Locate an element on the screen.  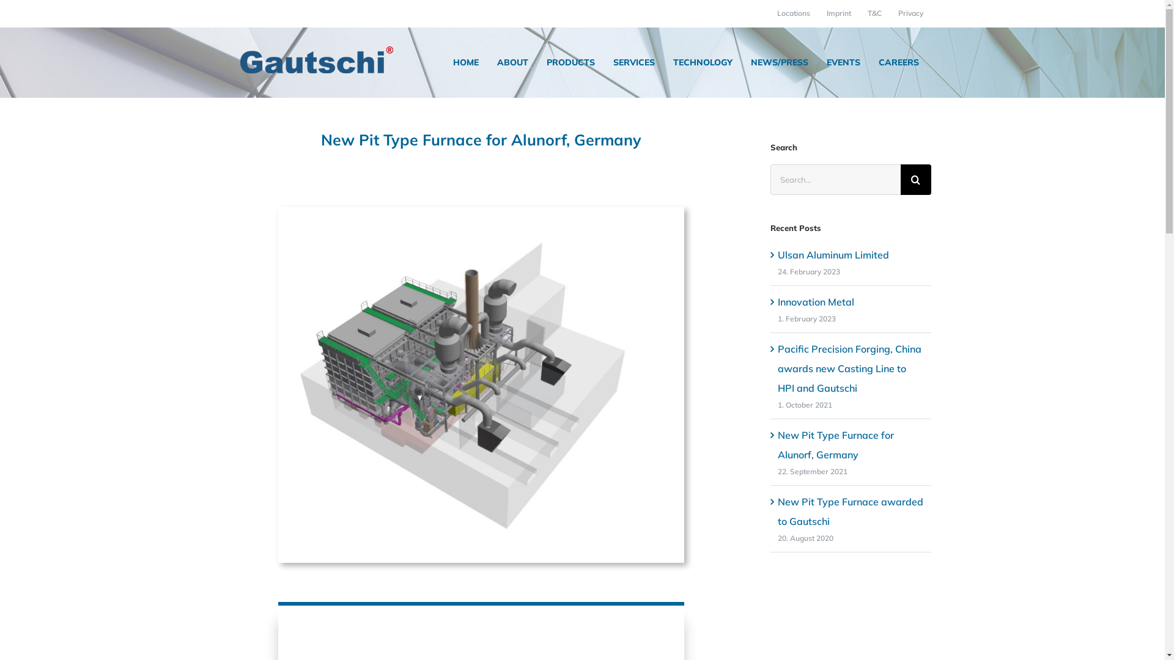
'CAREERS' is located at coordinates (898, 62).